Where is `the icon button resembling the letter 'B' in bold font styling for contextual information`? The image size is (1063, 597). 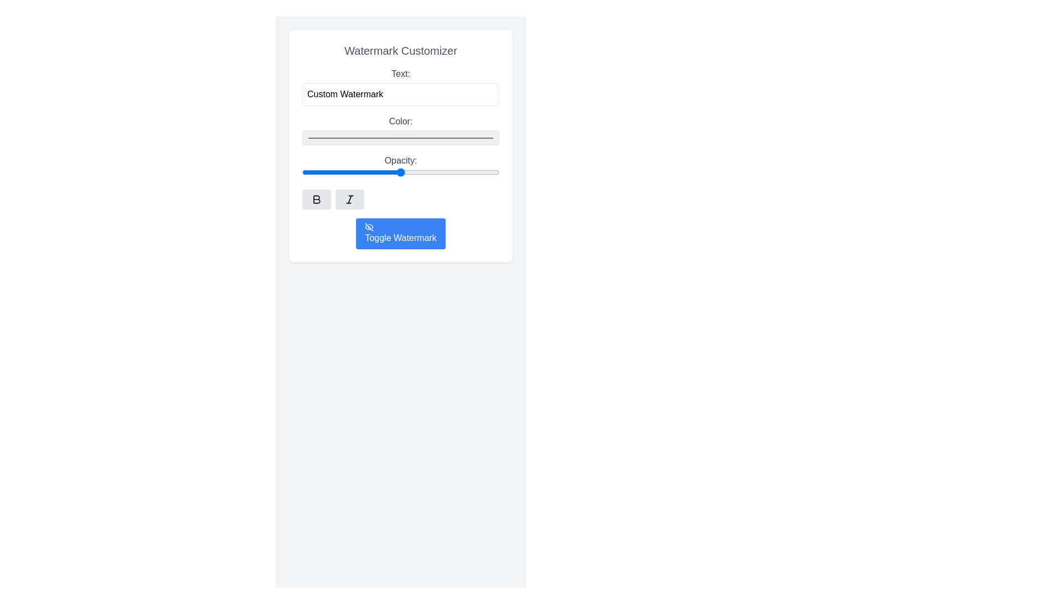
the icon button resembling the letter 'B' in bold font styling for contextual information is located at coordinates (316, 200).